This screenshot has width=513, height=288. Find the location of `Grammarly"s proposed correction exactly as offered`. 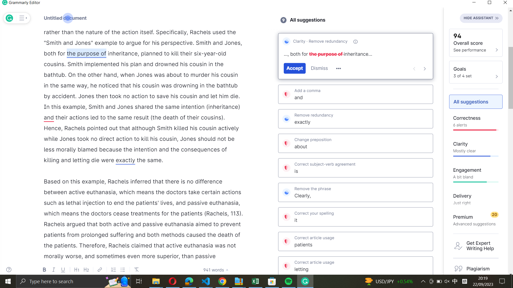

Grammarly"s proposed correction exactly as offered is located at coordinates (355, 118).